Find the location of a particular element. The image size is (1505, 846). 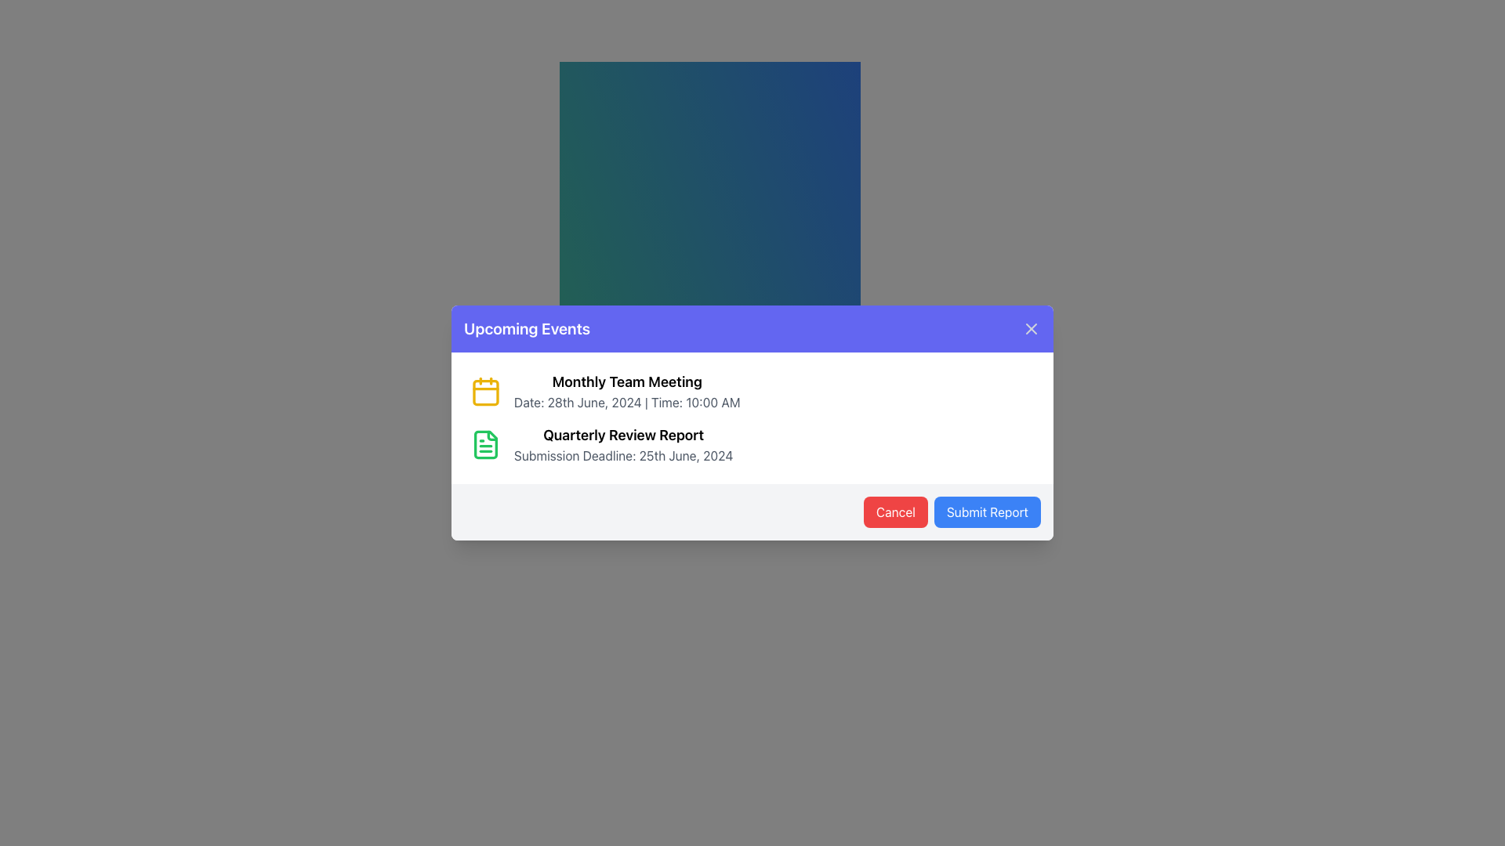

the 'Upcoming Events' text label, which is a bold white font on a blue background, located at the top-left corner of its section is located at coordinates (527, 328).